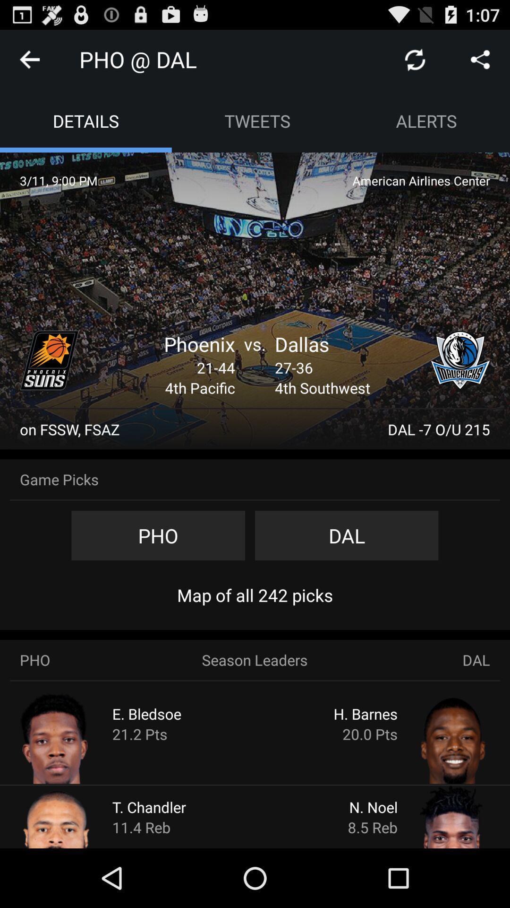 The image size is (510, 908). What do you see at coordinates (480, 59) in the screenshot?
I see `clique para compartilhar nas redes sociais` at bounding box center [480, 59].